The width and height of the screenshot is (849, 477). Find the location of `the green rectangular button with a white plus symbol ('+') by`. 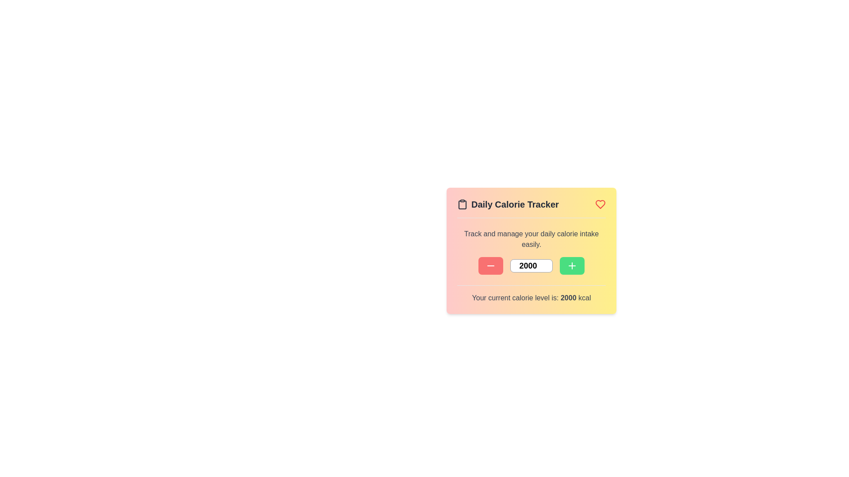

the green rectangular button with a white plus symbol ('+') by is located at coordinates (572, 265).